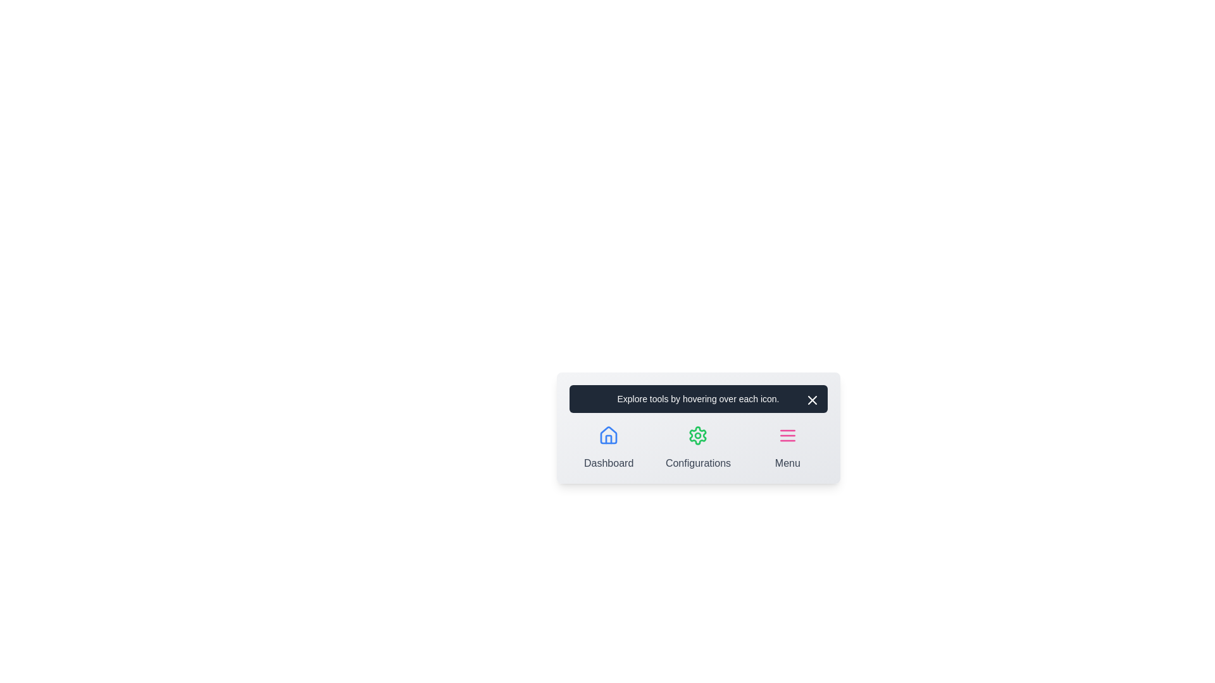 Image resolution: width=1215 pixels, height=683 pixels. I want to click on the close button 'X' located at the upper-right corner of the tooltip message to change its color to a lighter gray, so click(812, 400).